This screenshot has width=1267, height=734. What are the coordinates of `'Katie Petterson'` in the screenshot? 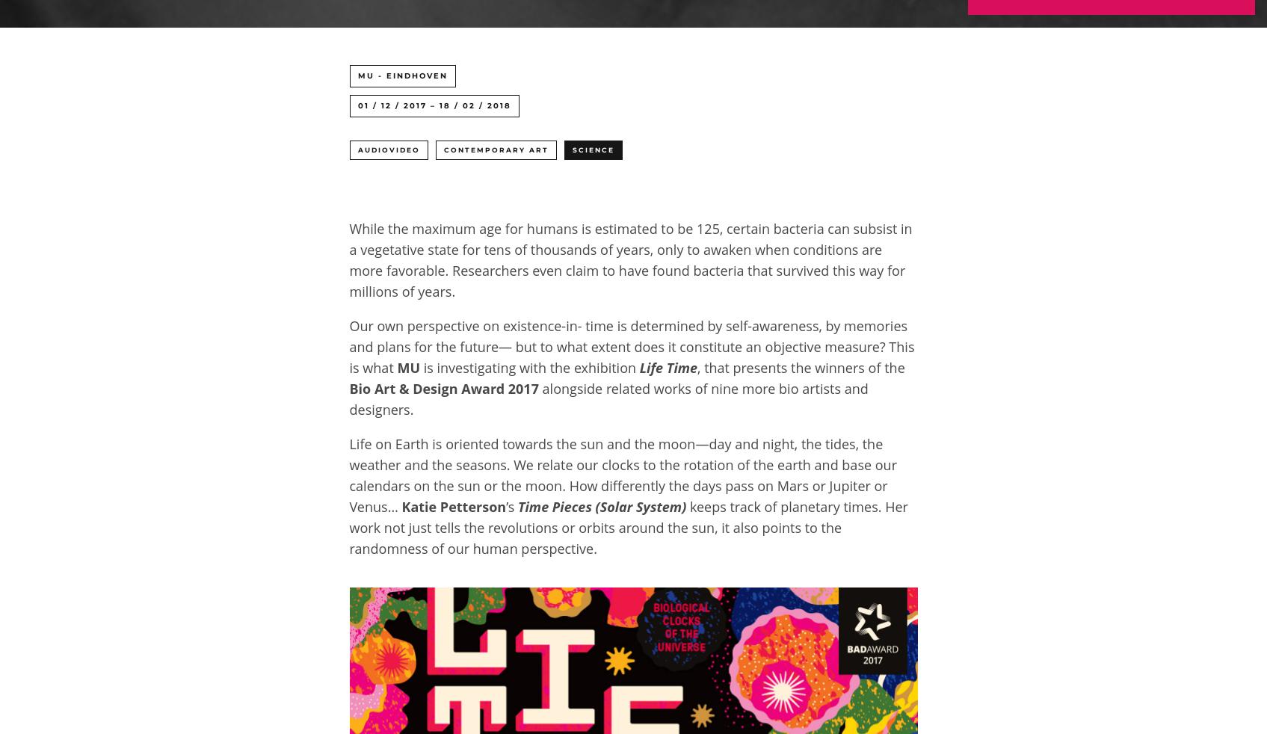 It's located at (398, 506).